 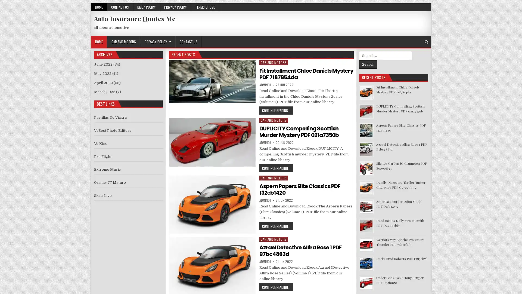 What do you see at coordinates (368, 64) in the screenshot?
I see `Search` at bounding box center [368, 64].